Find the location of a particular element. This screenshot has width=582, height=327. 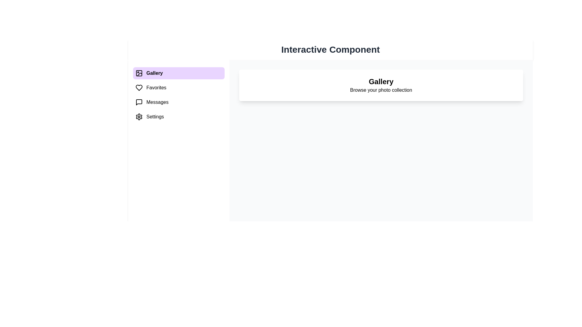

the menu item Gallery to switch the content area is located at coordinates (178, 73).